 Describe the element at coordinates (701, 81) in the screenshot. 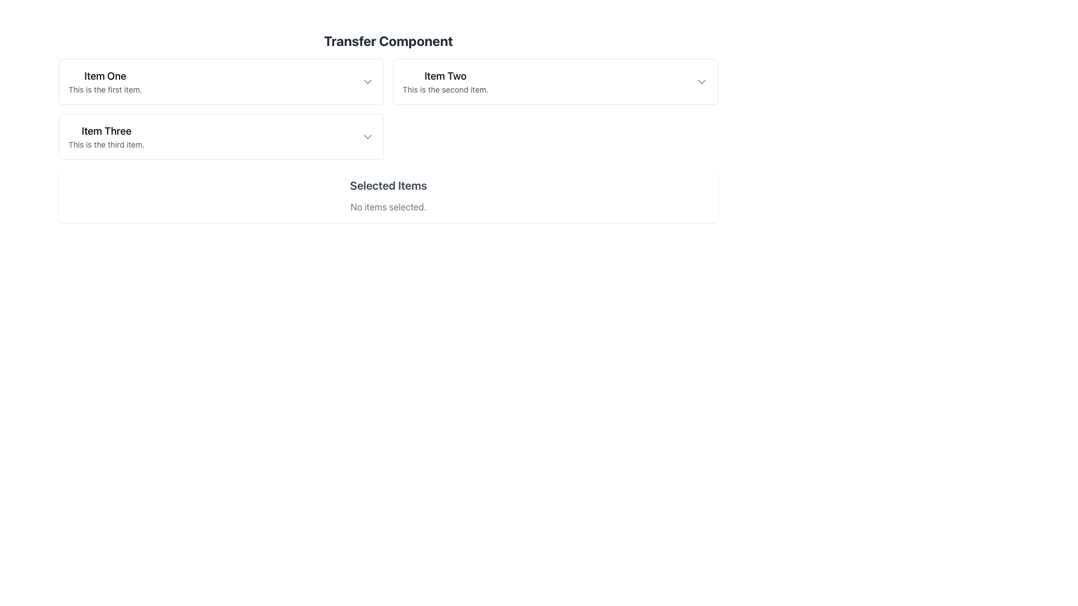

I see `the downward-pointing chevron icon indicating the dropdown menu for 'Item Two'` at that location.